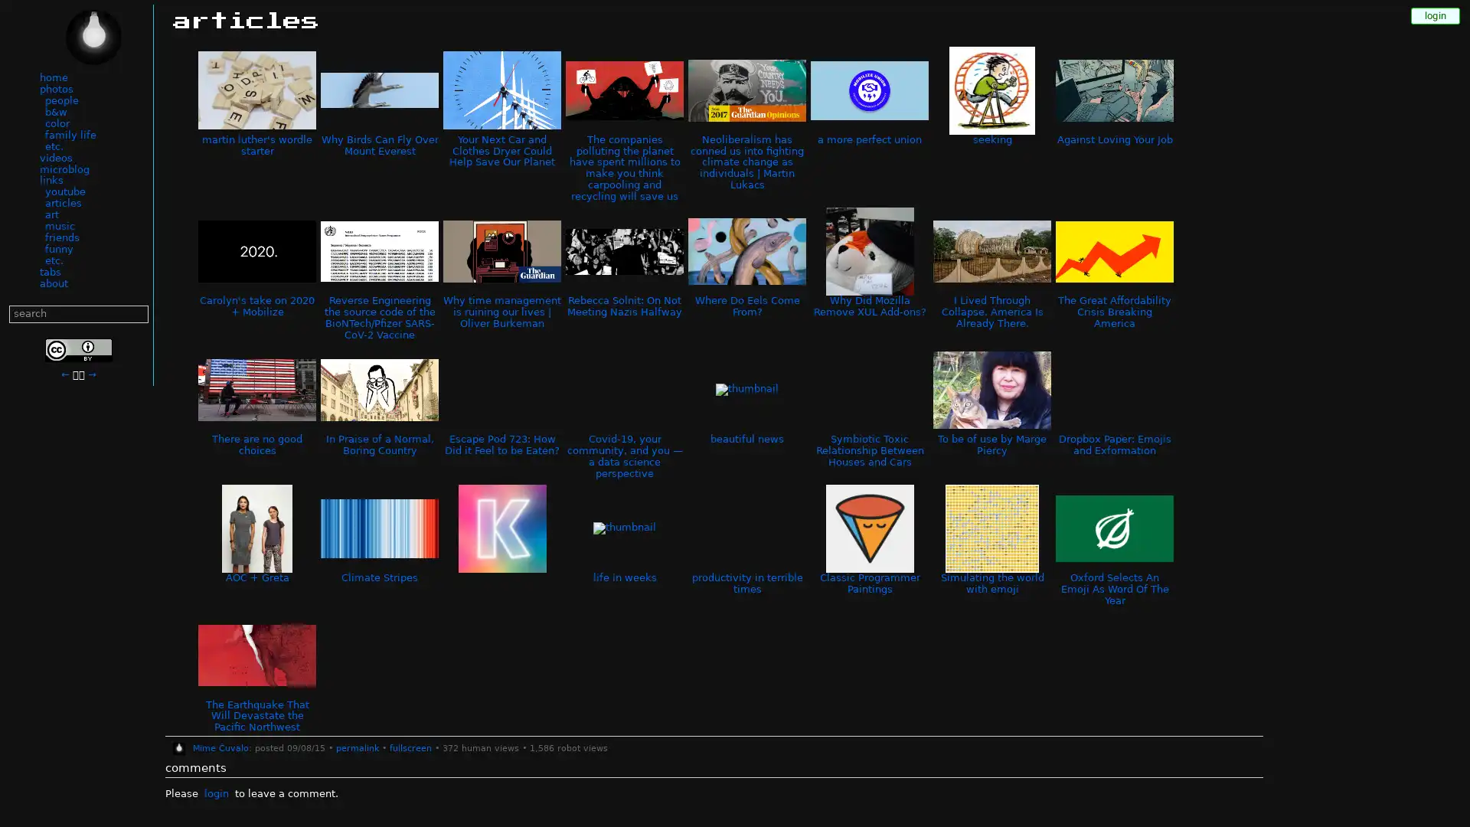 This screenshot has height=827, width=1470. Describe the element at coordinates (410, 748) in the screenshot. I see `fullscreen` at that location.